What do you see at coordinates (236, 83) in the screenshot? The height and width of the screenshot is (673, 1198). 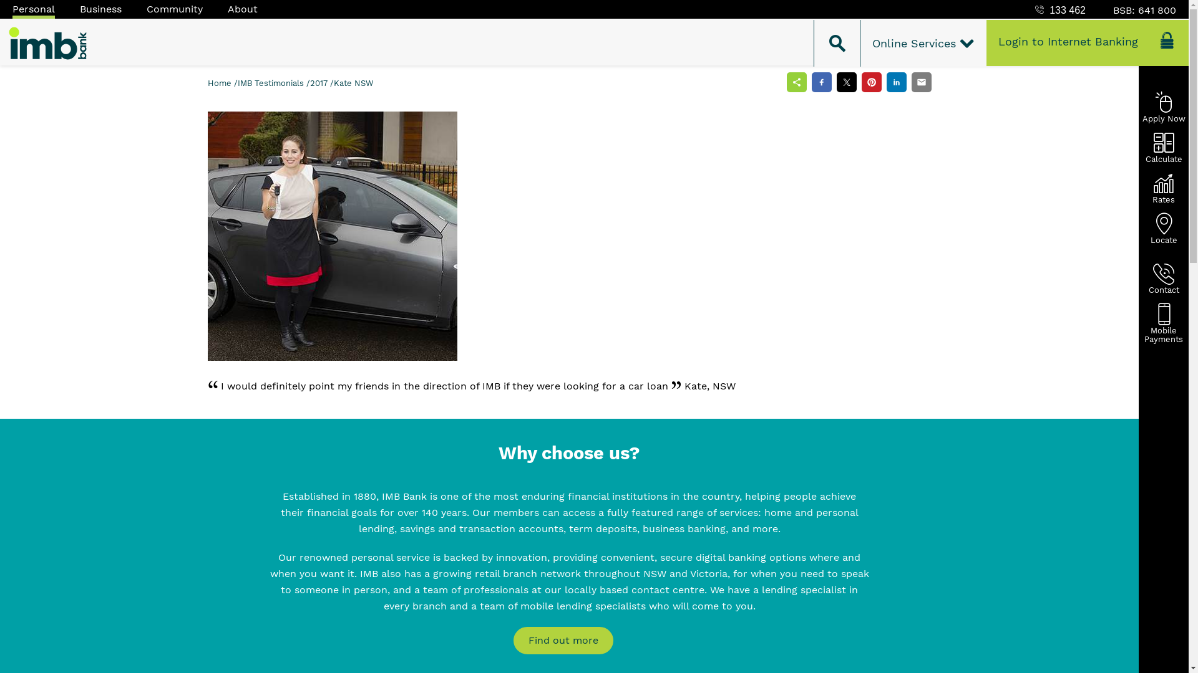 I see `'IMB Testimonials'` at bounding box center [236, 83].